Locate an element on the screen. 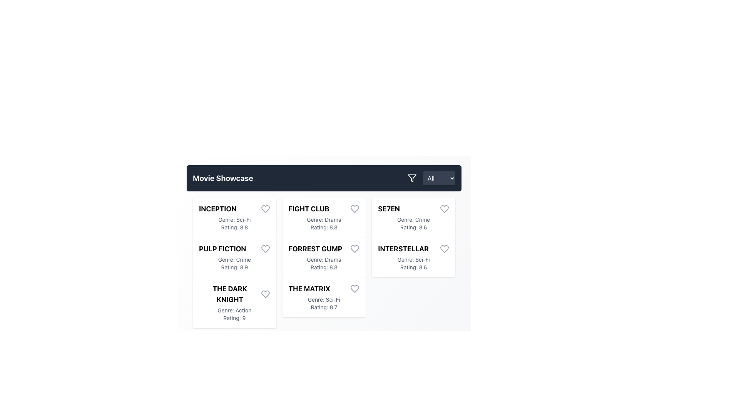 The height and width of the screenshot is (415, 739). the text label displaying 'Genre: DramaRating: 8.8' which is styled in a small gray font located below the 'Fight Club' title is located at coordinates (324, 224).